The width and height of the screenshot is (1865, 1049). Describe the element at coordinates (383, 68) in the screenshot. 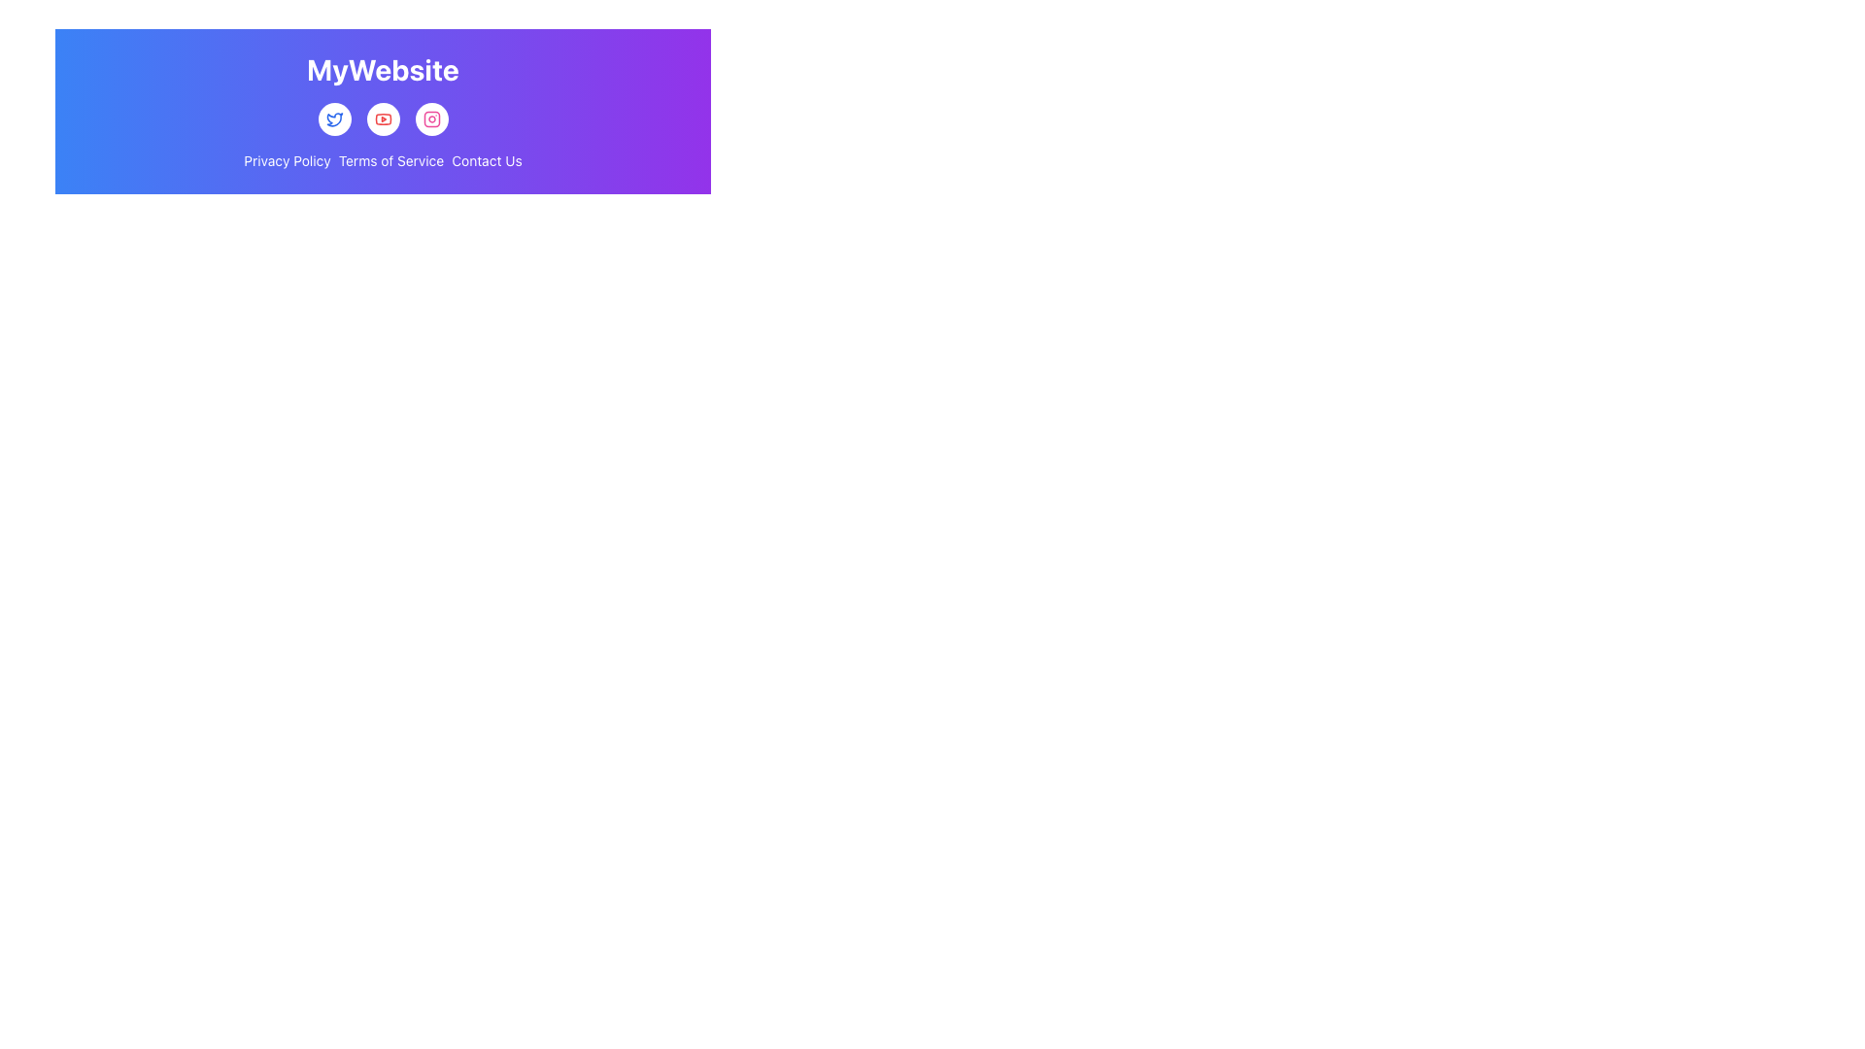

I see `the centrally positioned clickable logo or brand name located above the row of social media icons` at that location.